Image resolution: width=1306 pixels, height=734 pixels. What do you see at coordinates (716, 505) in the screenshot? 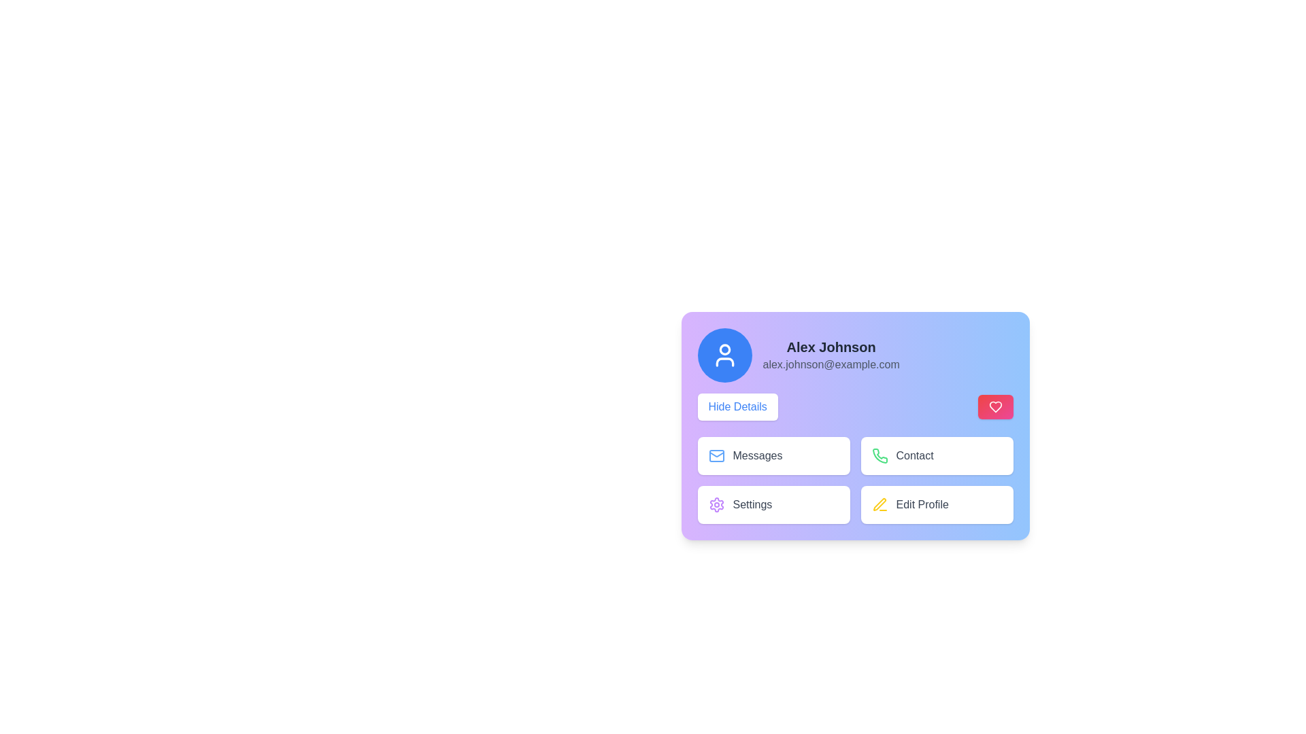
I see `the purple gear-shaped settings icon located at the bottom-left section of the card layout` at bounding box center [716, 505].